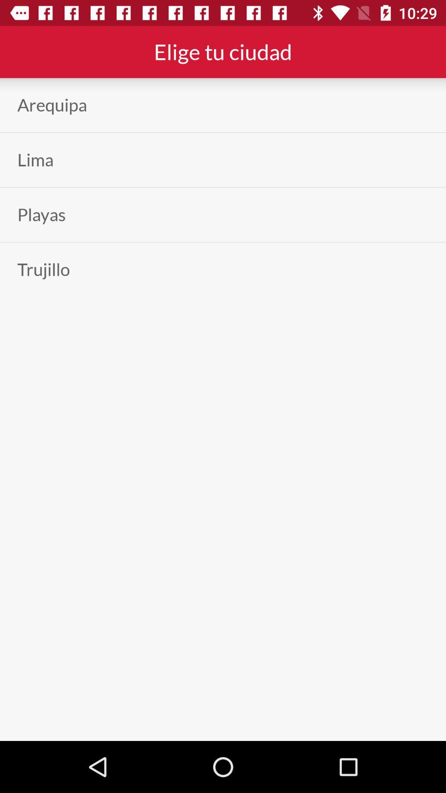 The height and width of the screenshot is (793, 446). I want to click on the app above lima item, so click(52, 104).